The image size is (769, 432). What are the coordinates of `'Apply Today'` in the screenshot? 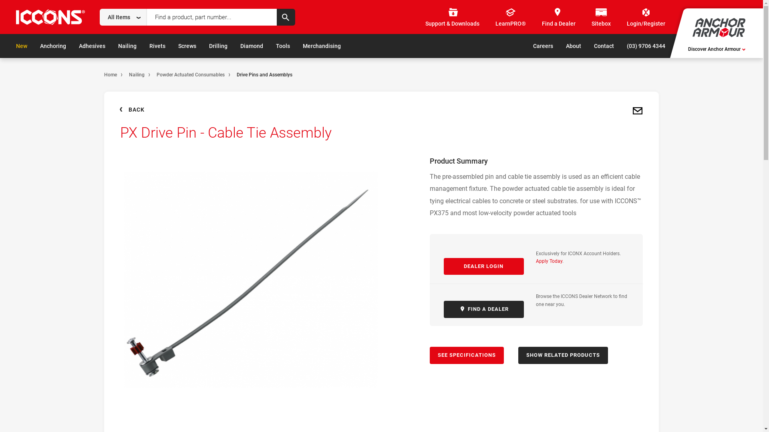 It's located at (549, 261).